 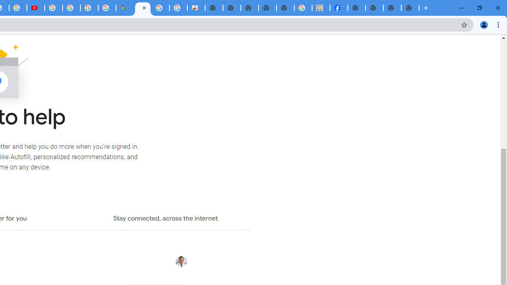 What do you see at coordinates (410, 8) in the screenshot?
I see `'New Tab'` at bounding box center [410, 8].